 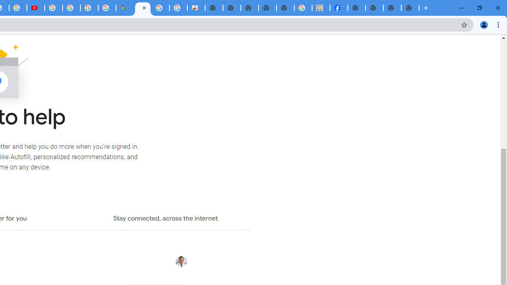 What do you see at coordinates (410, 8) in the screenshot?
I see `'New Tab'` at bounding box center [410, 8].